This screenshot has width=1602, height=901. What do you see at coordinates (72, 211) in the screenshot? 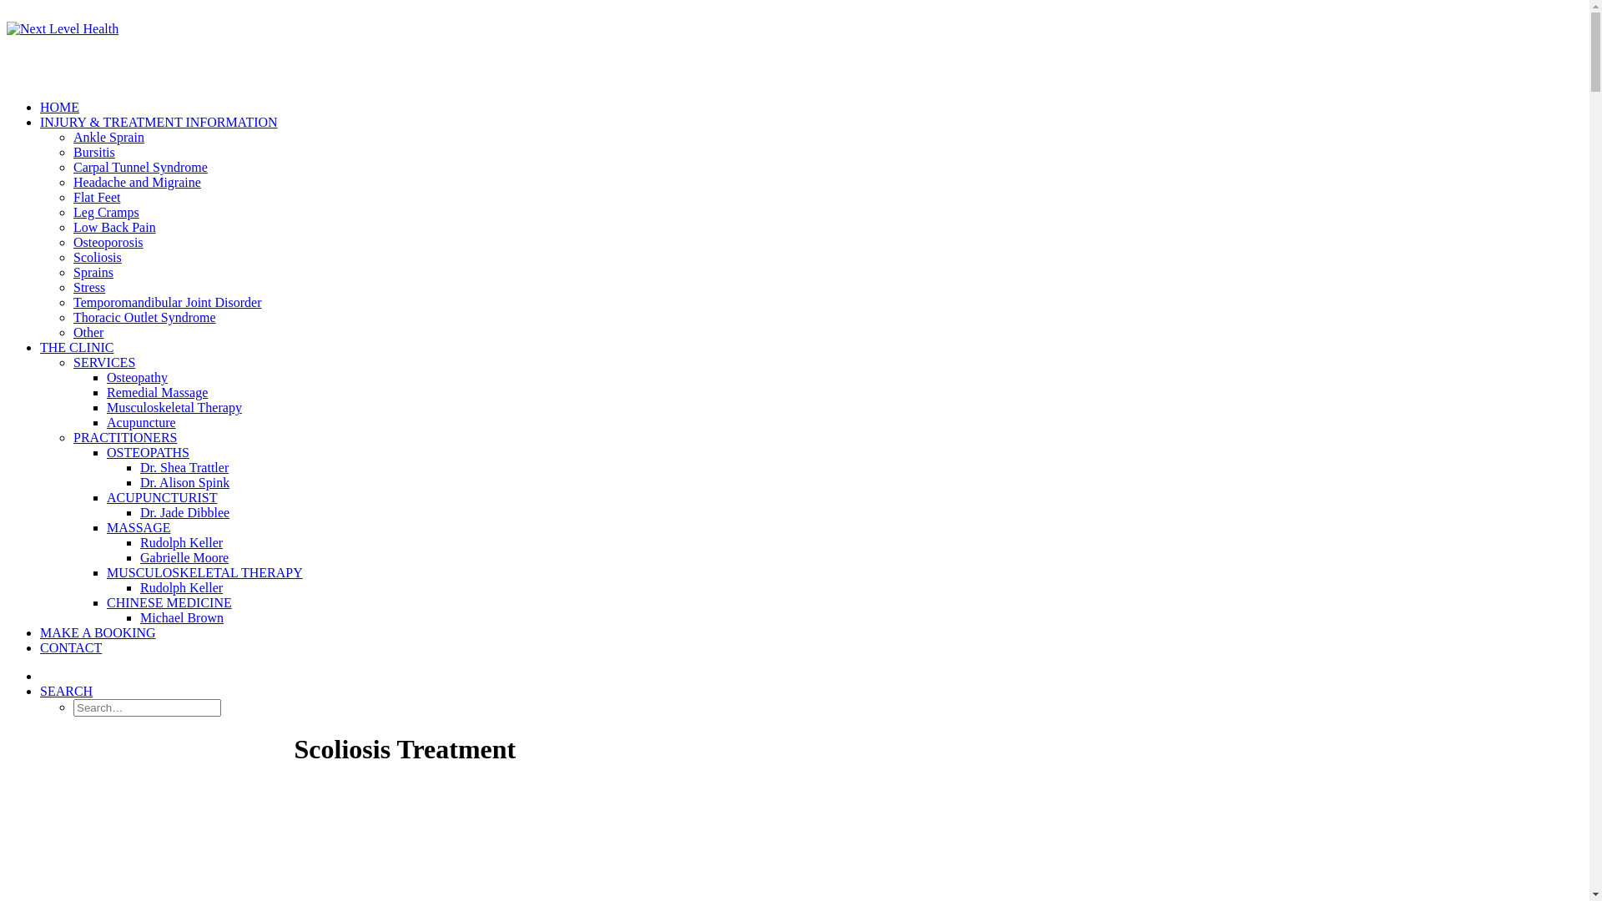
I see `'Leg Cramps'` at bounding box center [72, 211].